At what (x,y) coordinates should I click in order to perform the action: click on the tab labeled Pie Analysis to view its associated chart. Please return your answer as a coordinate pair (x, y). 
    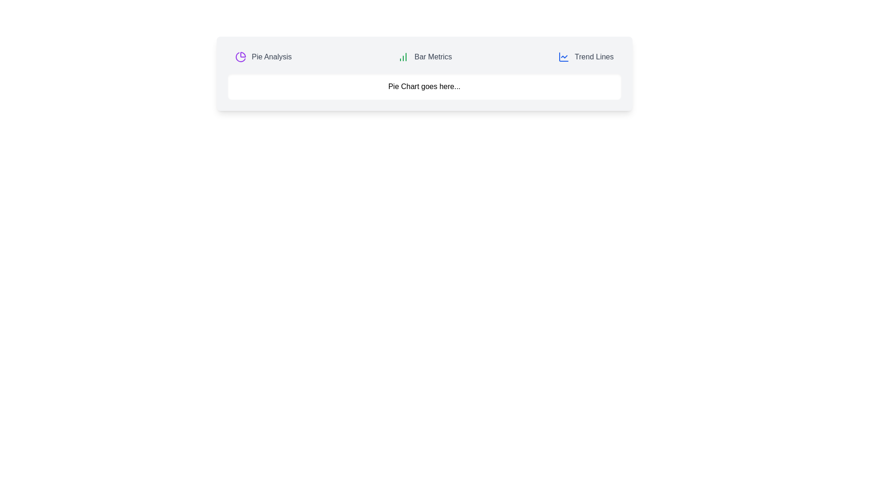
    Looking at the image, I should click on (263, 57).